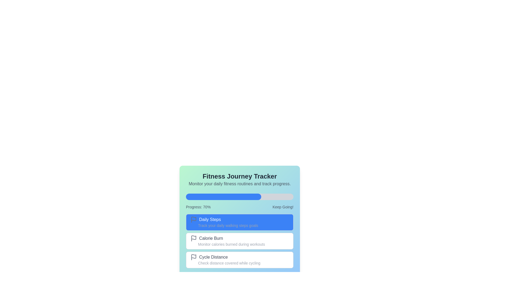 The height and width of the screenshot is (290, 516). I want to click on the text block titled 'Fitness Journey Tracker', which provides information on monitoring daily fitness routines and tracking progress, so click(239, 179).